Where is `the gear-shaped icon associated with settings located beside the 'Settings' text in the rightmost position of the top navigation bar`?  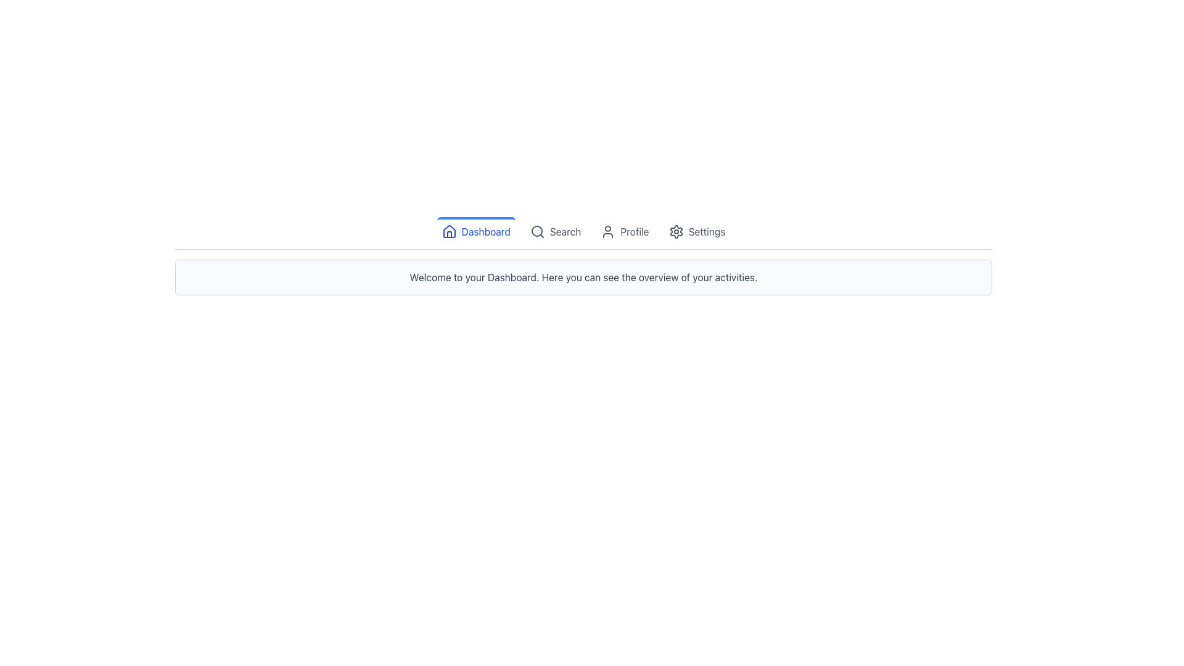
the gear-shaped icon associated with settings located beside the 'Settings' text in the rightmost position of the top navigation bar is located at coordinates (675, 231).